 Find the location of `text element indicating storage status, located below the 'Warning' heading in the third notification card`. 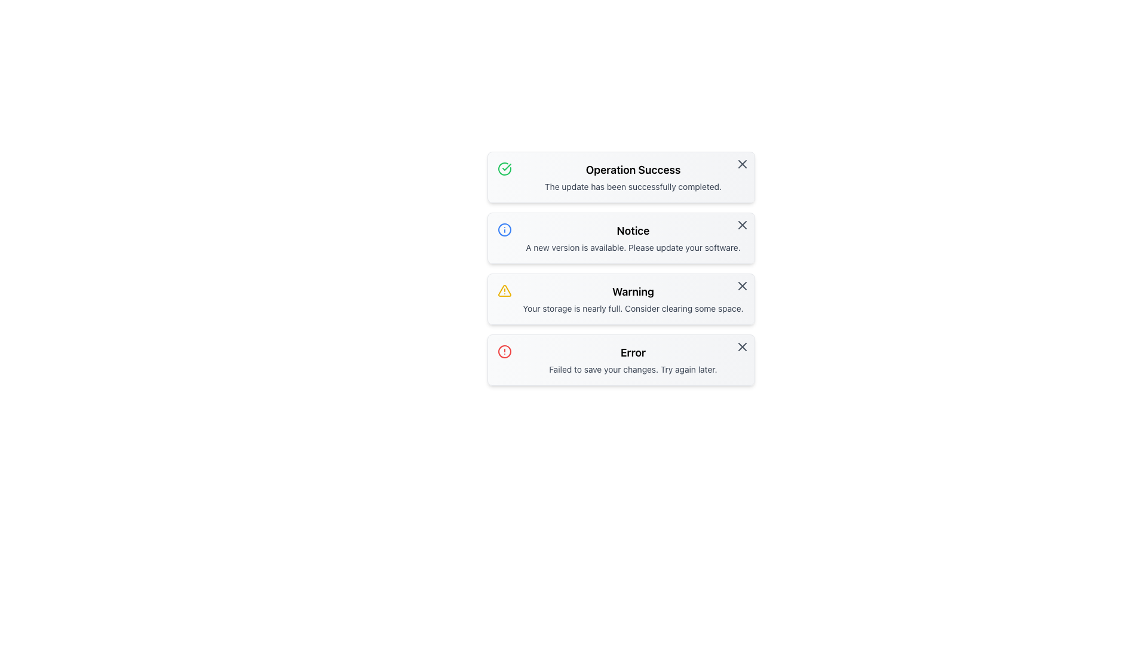

text element indicating storage status, located below the 'Warning' heading in the third notification card is located at coordinates (633, 308).